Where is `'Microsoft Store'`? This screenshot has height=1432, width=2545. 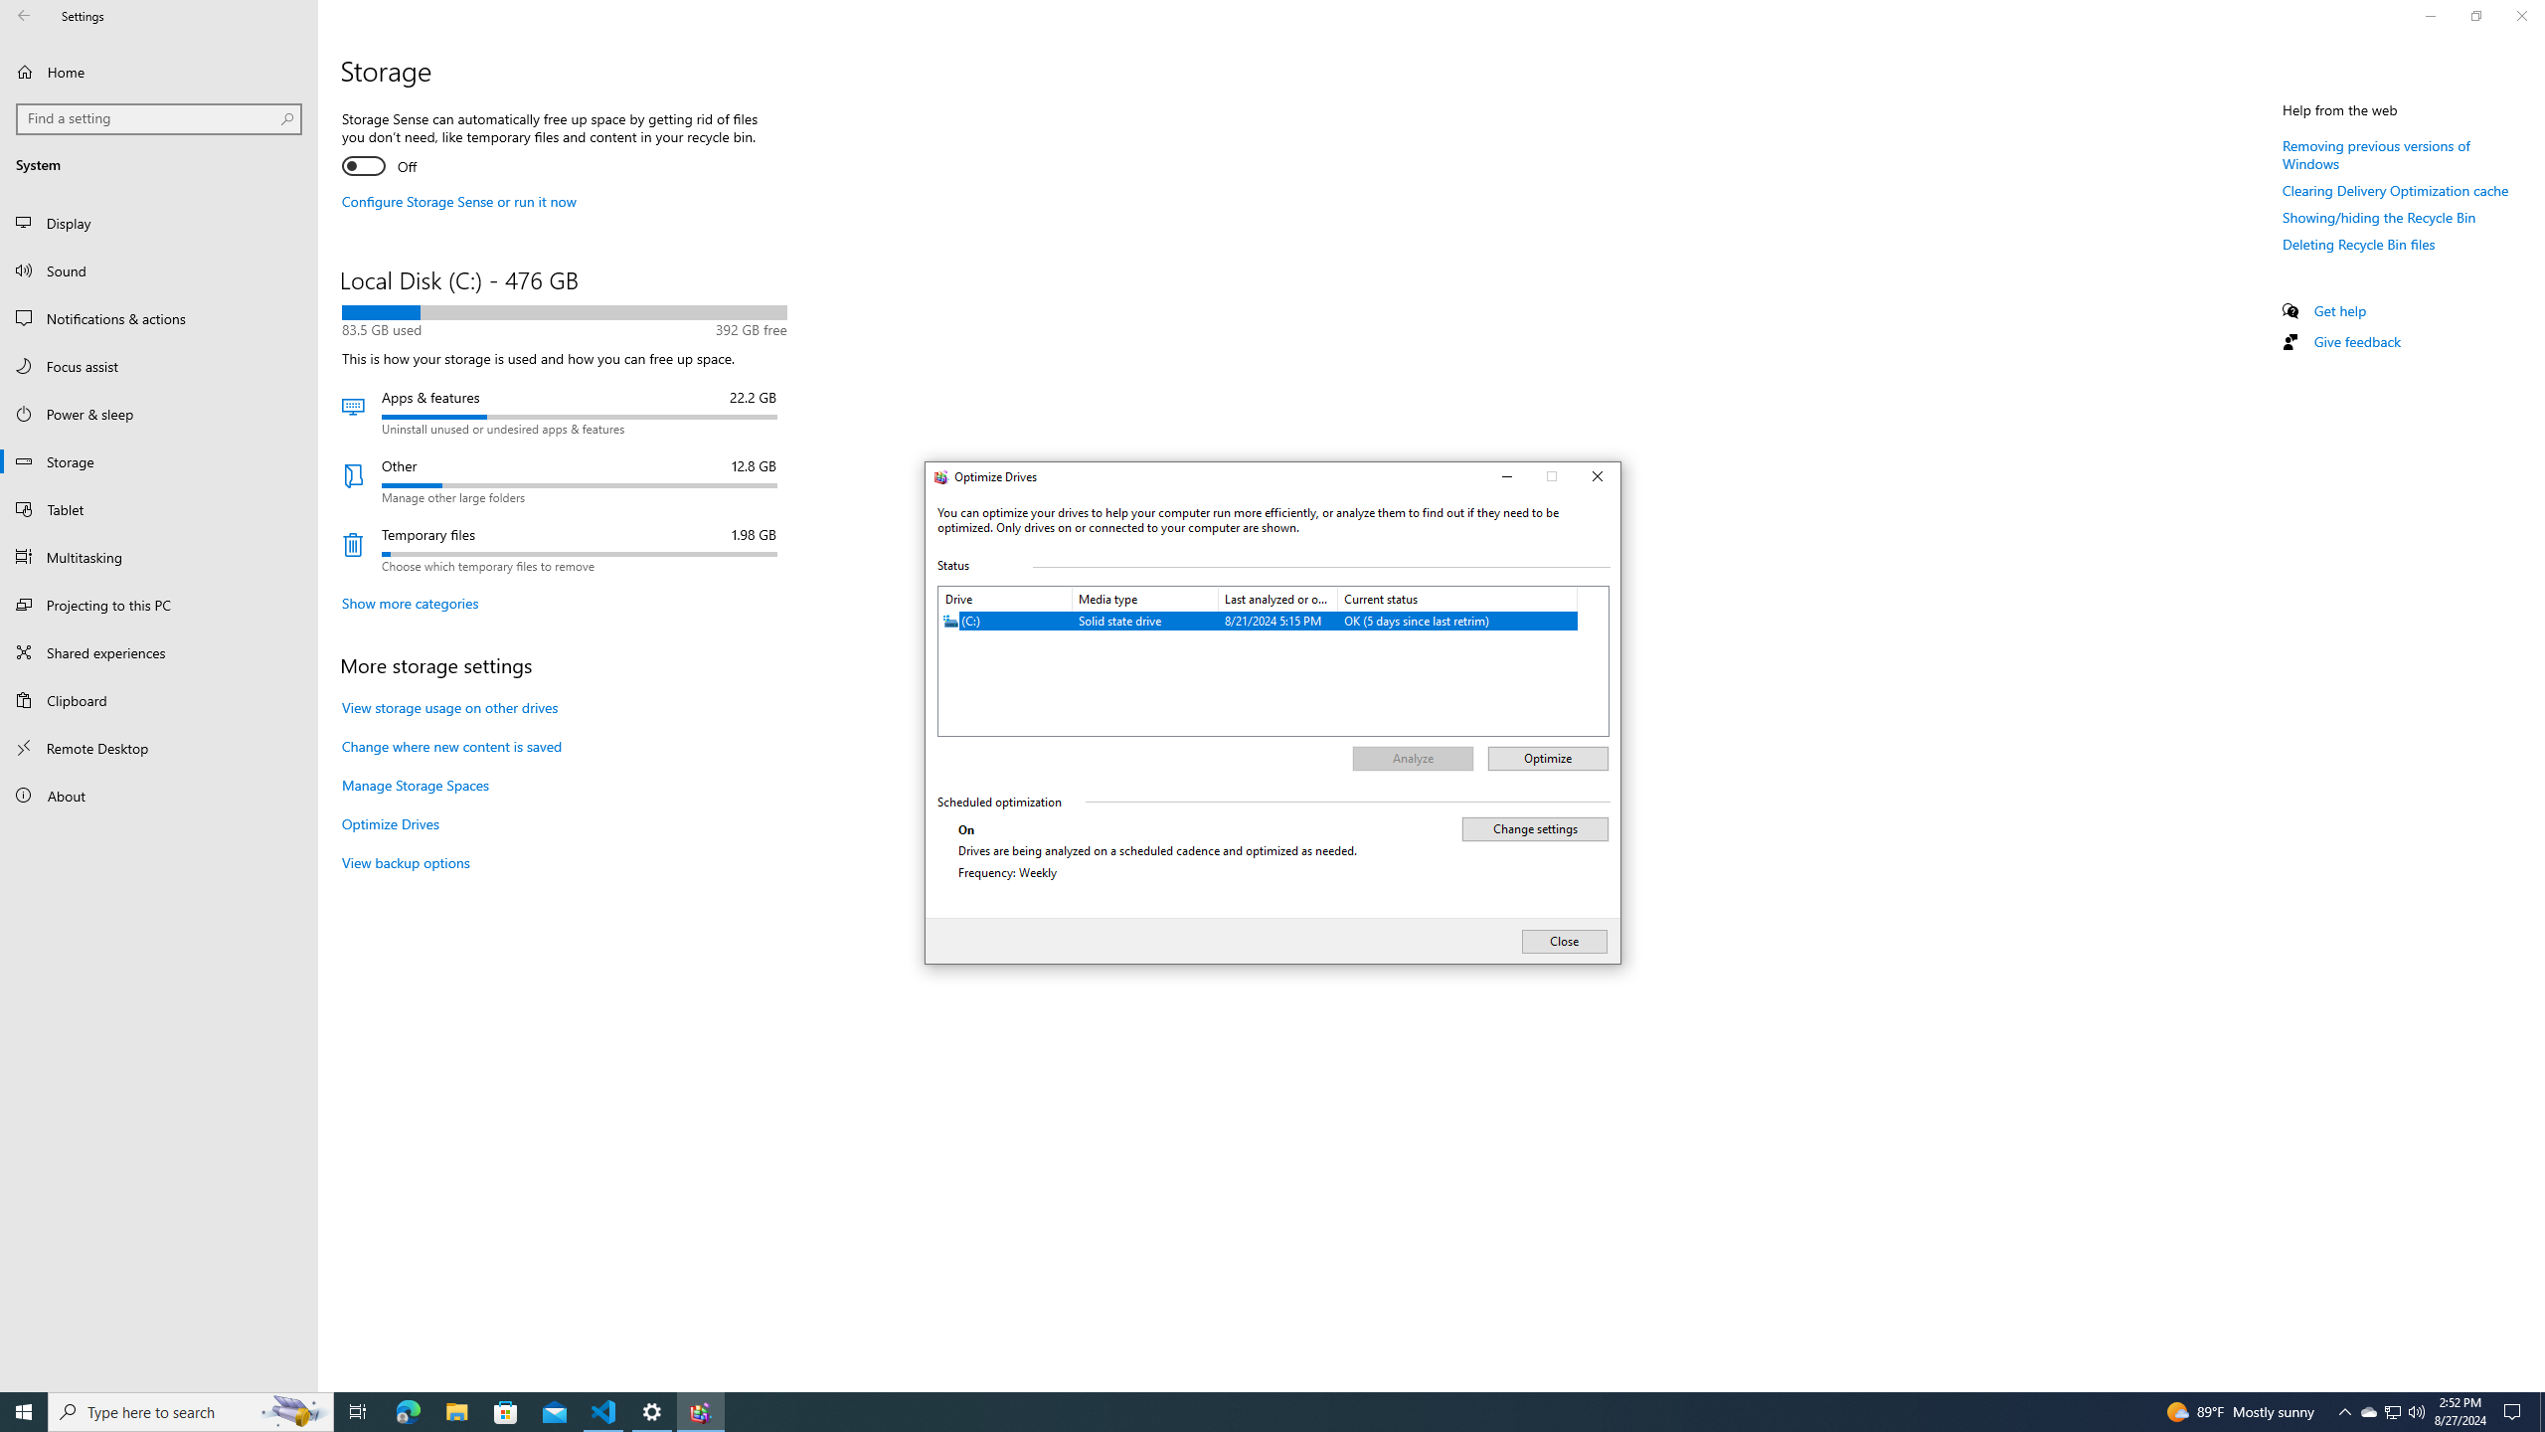 'Microsoft Store' is located at coordinates (506, 1410).